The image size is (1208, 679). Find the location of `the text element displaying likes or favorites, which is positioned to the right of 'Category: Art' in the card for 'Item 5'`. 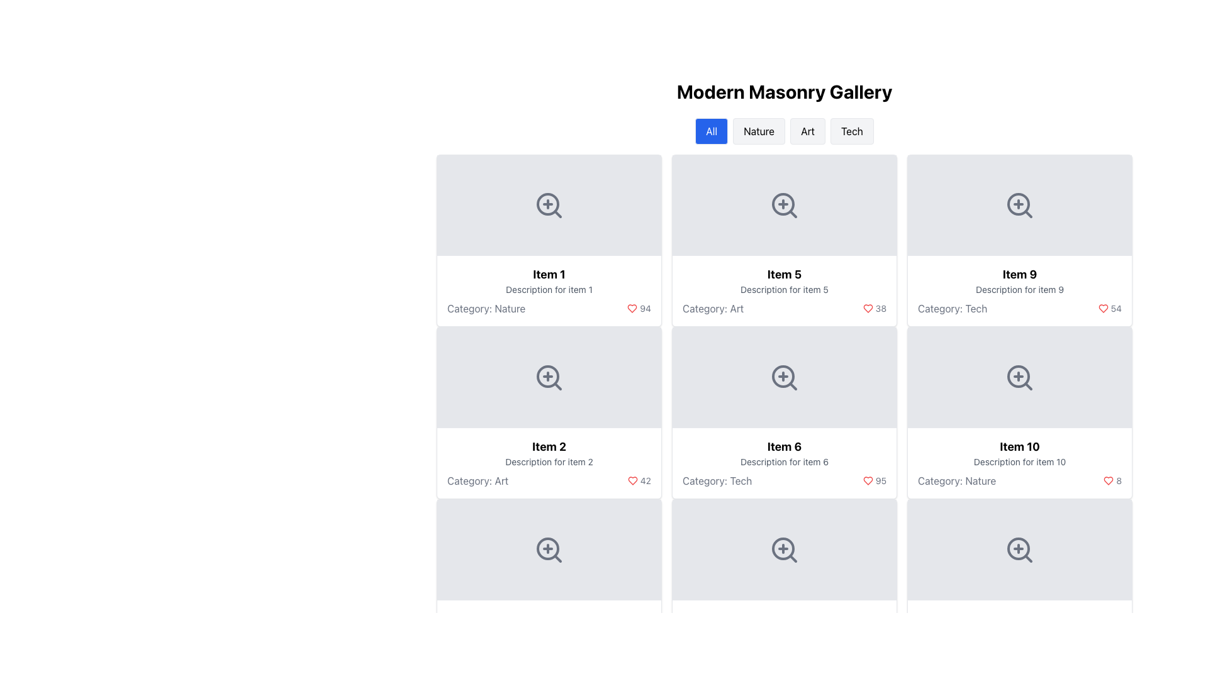

the text element displaying likes or favorites, which is positioned to the right of 'Category: Art' in the card for 'Item 5' is located at coordinates (874, 308).